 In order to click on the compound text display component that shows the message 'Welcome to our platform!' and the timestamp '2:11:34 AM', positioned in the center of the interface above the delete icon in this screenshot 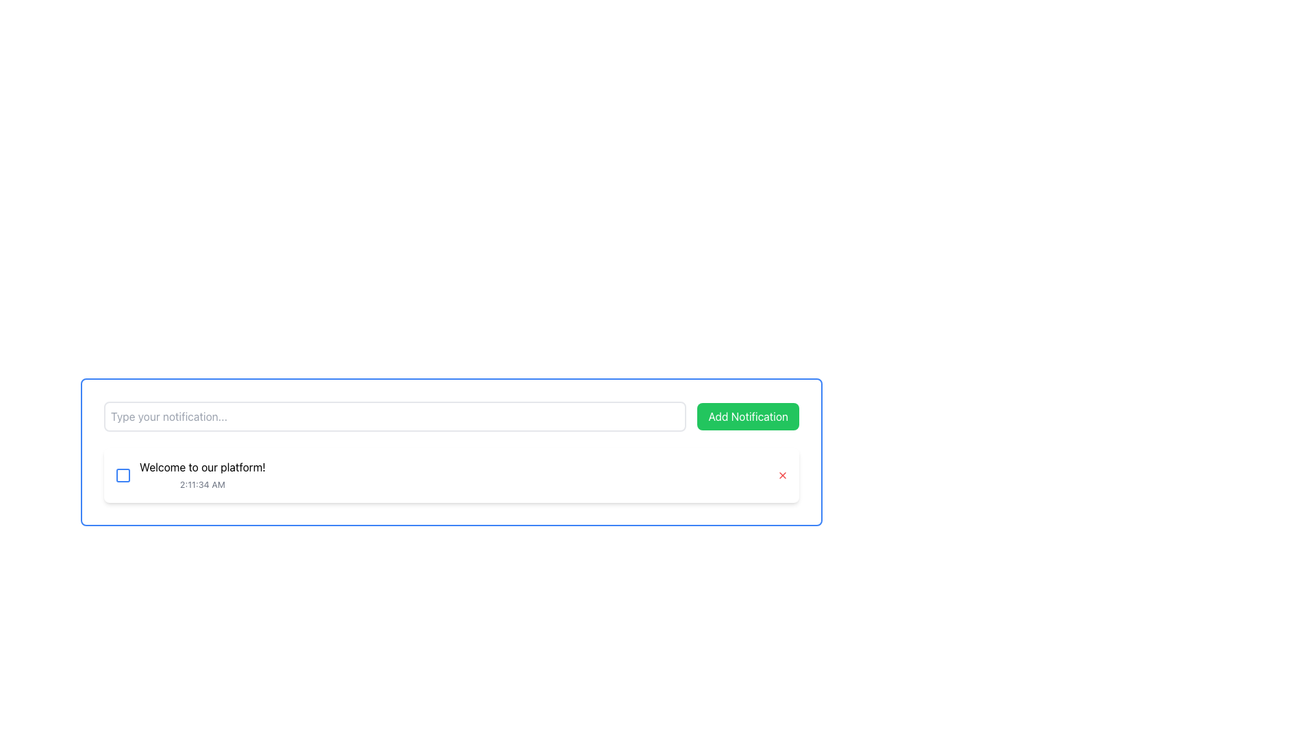, I will do `click(201, 474)`.